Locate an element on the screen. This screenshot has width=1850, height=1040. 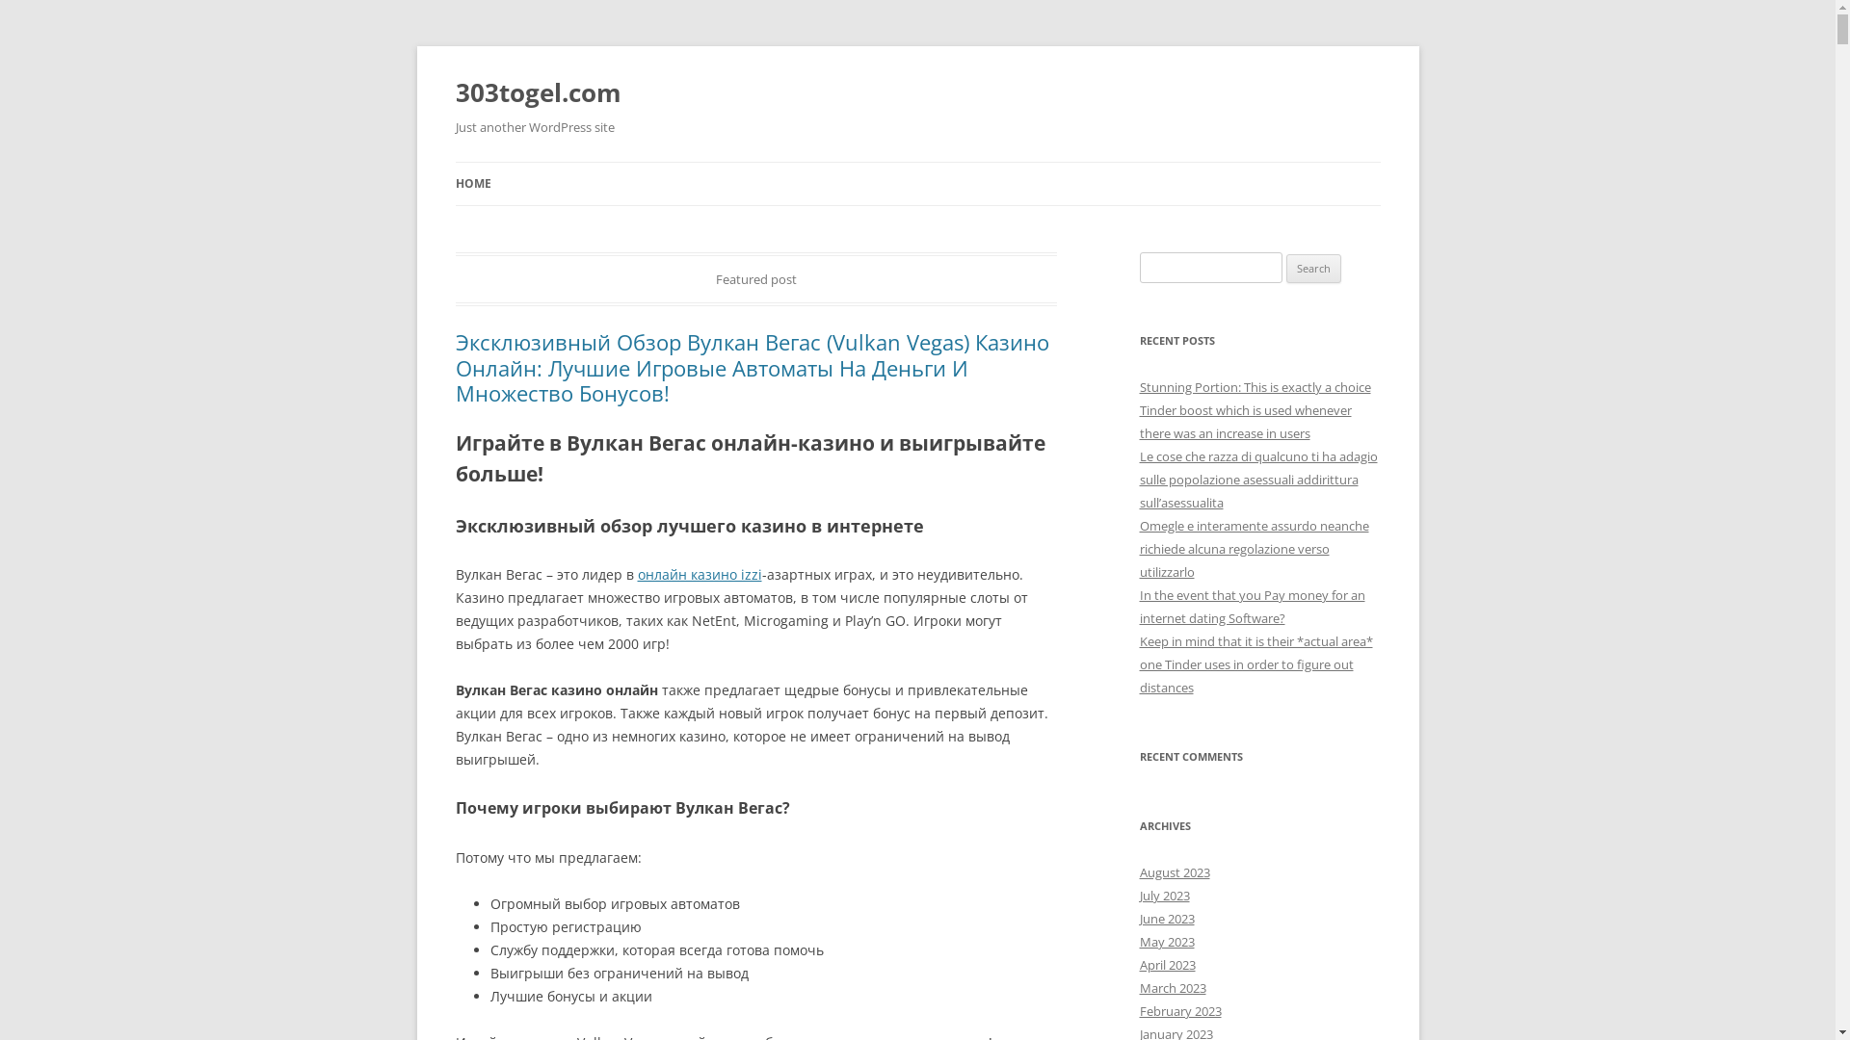
'May 2023' is located at coordinates (1165, 941).